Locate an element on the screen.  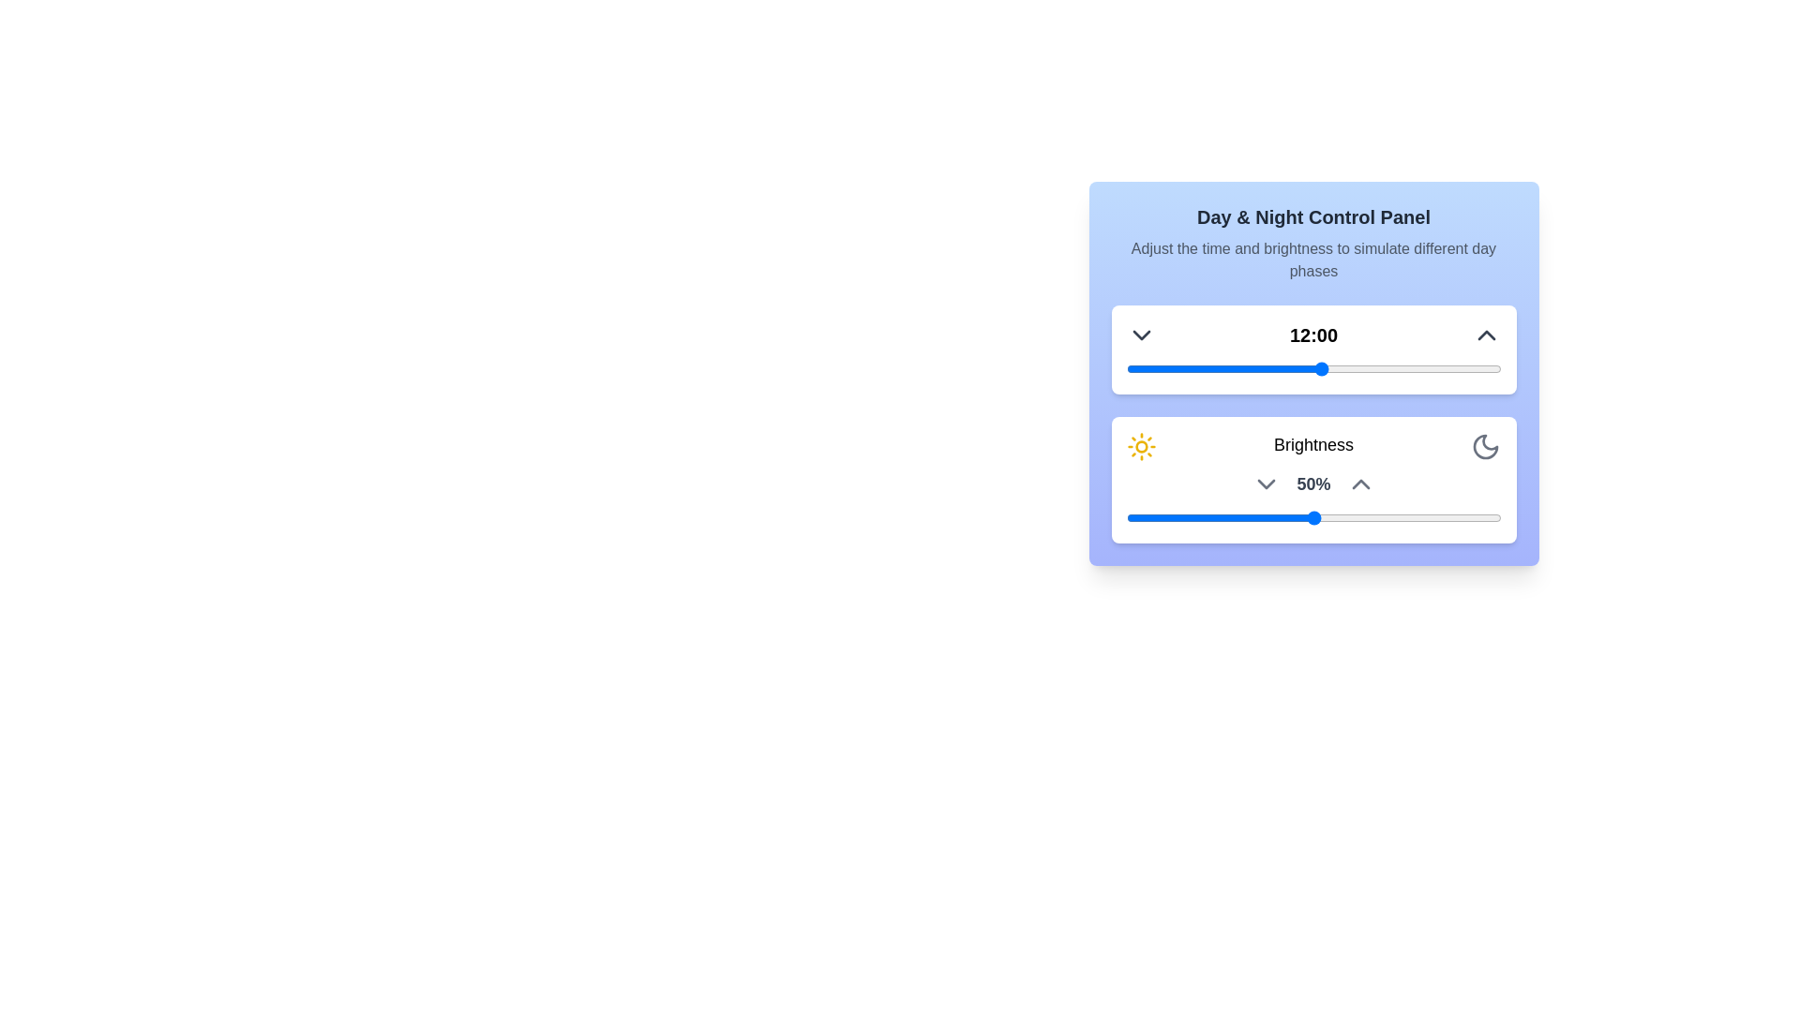
brightness is located at coordinates (1231, 517).